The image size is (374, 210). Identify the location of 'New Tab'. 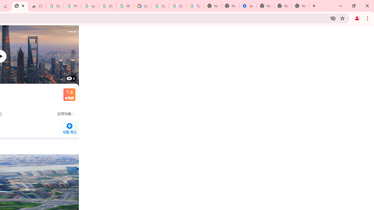
(314, 6).